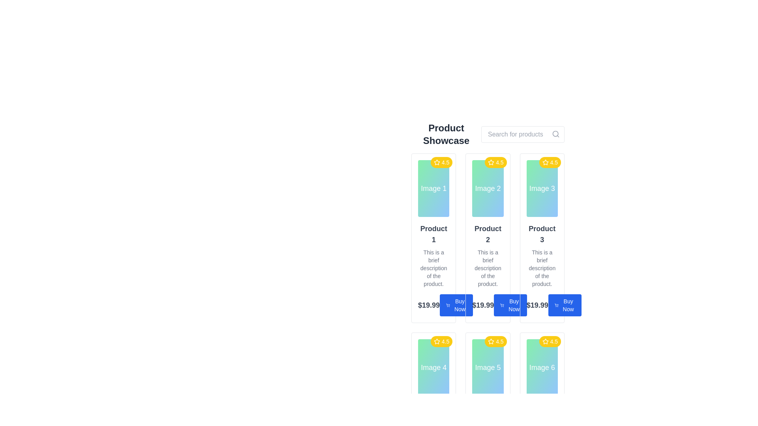 This screenshot has height=426, width=758. What do you see at coordinates (436, 162) in the screenshot?
I see `the star-shaped icon that indicates the rating for 'Product 1' to potentially interact if enabled` at bounding box center [436, 162].